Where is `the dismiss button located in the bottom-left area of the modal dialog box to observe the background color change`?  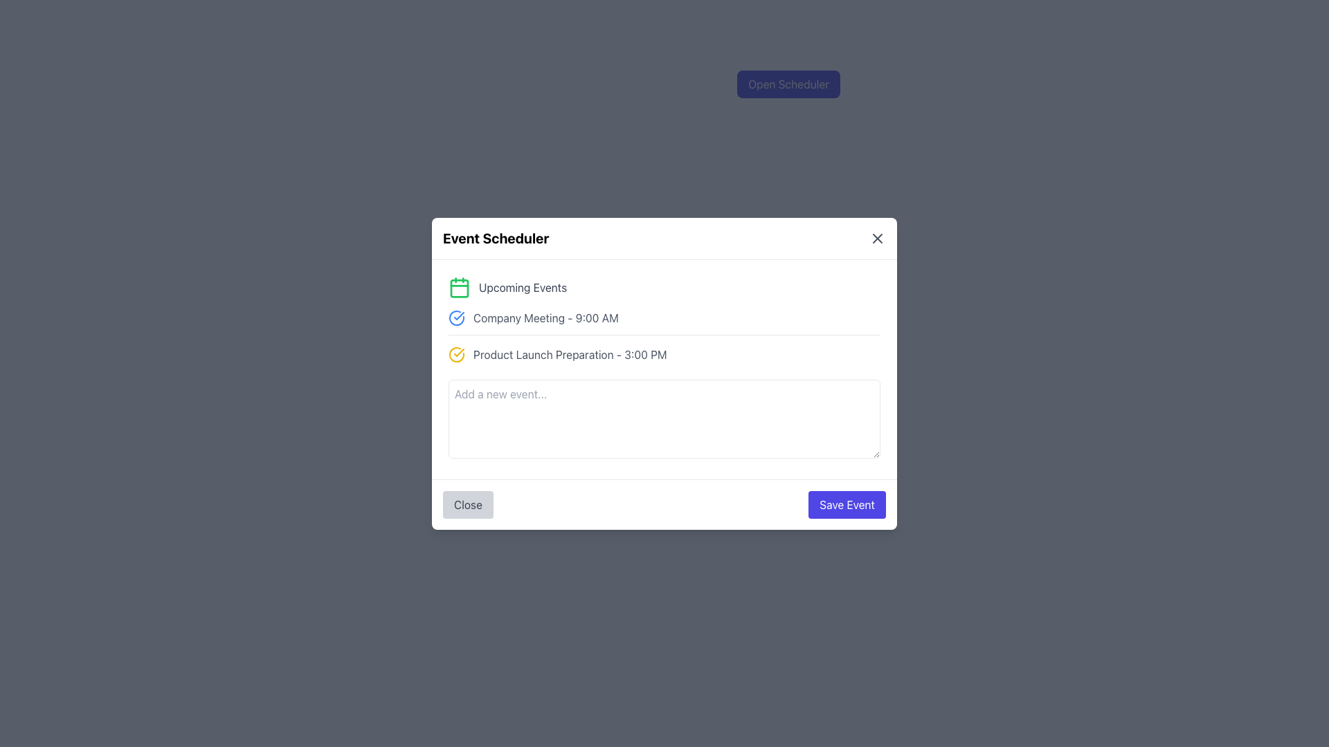
the dismiss button located in the bottom-left area of the modal dialog box to observe the background color change is located at coordinates (468, 504).